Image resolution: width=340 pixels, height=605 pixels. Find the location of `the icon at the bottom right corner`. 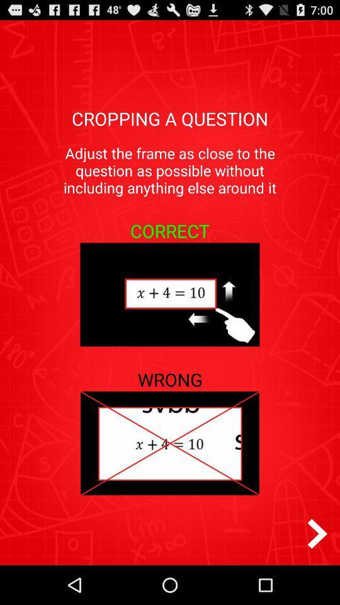

the icon at the bottom right corner is located at coordinates (317, 533).